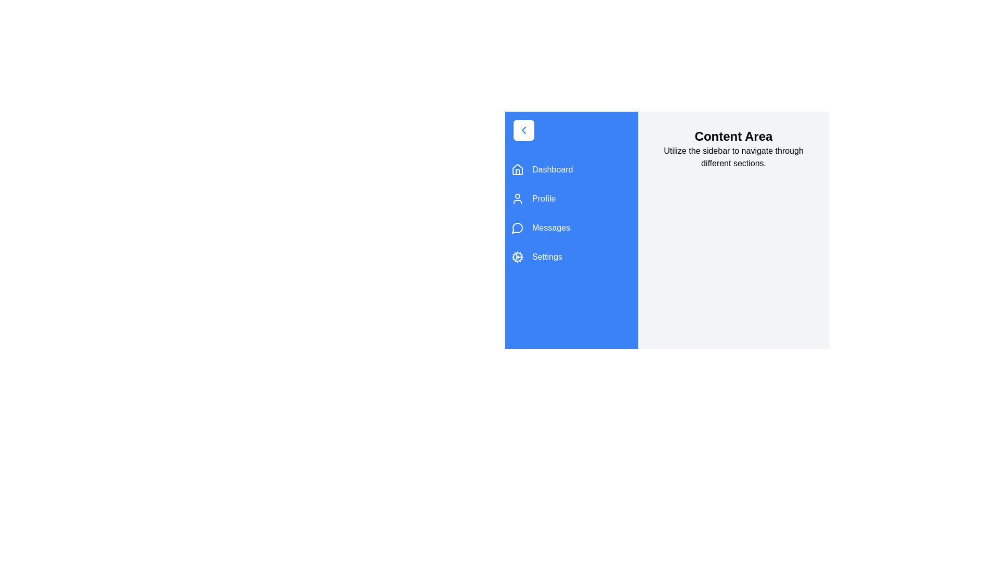 The height and width of the screenshot is (561, 998). What do you see at coordinates (524, 129) in the screenshot?
I see `toggle button on the sidebar to expand or collapse it` at bounding box center [524, 129].